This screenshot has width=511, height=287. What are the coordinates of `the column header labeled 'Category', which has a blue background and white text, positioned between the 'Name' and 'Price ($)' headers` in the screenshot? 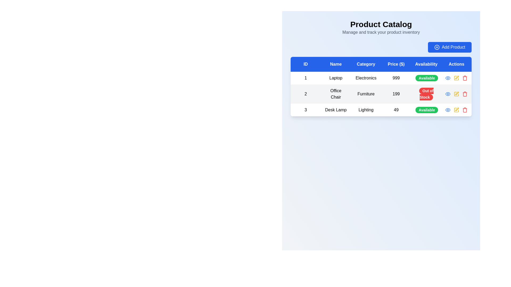 It's located at (366, 64).